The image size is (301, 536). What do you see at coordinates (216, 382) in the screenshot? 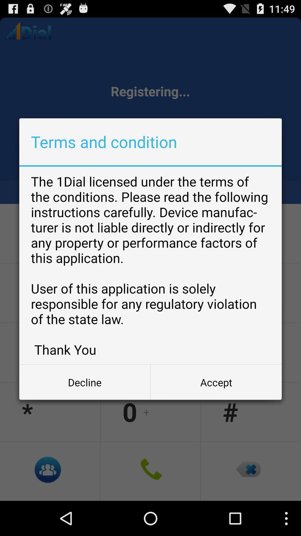
I see `the item below the 1dial licensed` at bounding box center [216, 382].